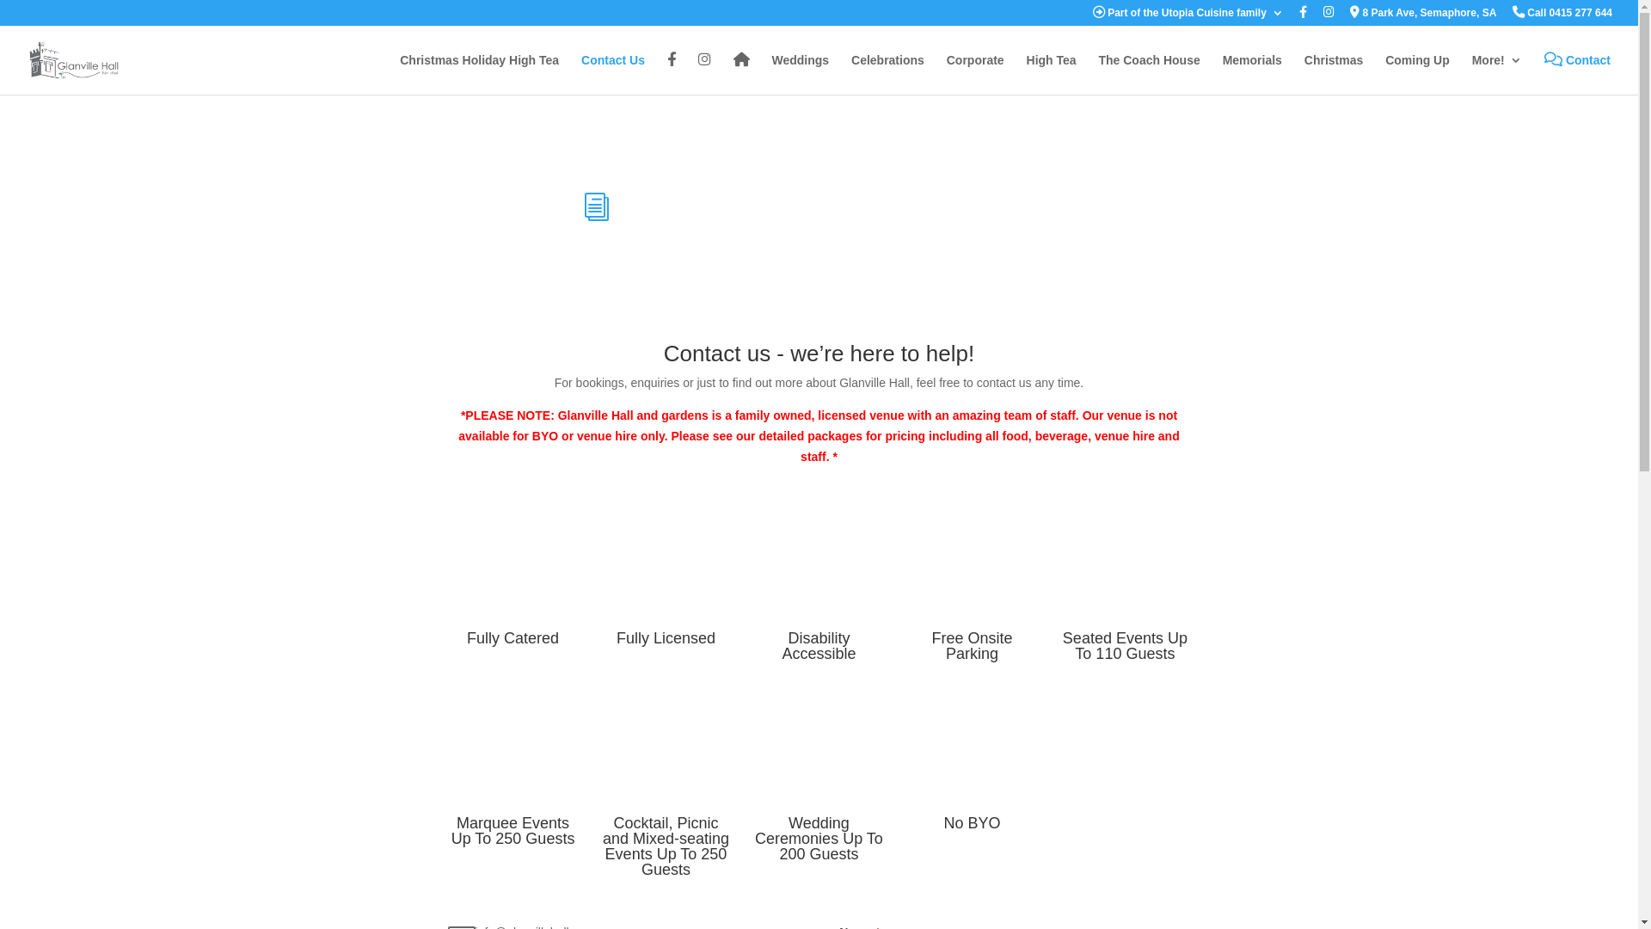 This screenshot has height=929, width=1651. What do you see at coordinates (704, 73) in the screenshot?
I see `'Instagram'` at bounding box center [704, 73].